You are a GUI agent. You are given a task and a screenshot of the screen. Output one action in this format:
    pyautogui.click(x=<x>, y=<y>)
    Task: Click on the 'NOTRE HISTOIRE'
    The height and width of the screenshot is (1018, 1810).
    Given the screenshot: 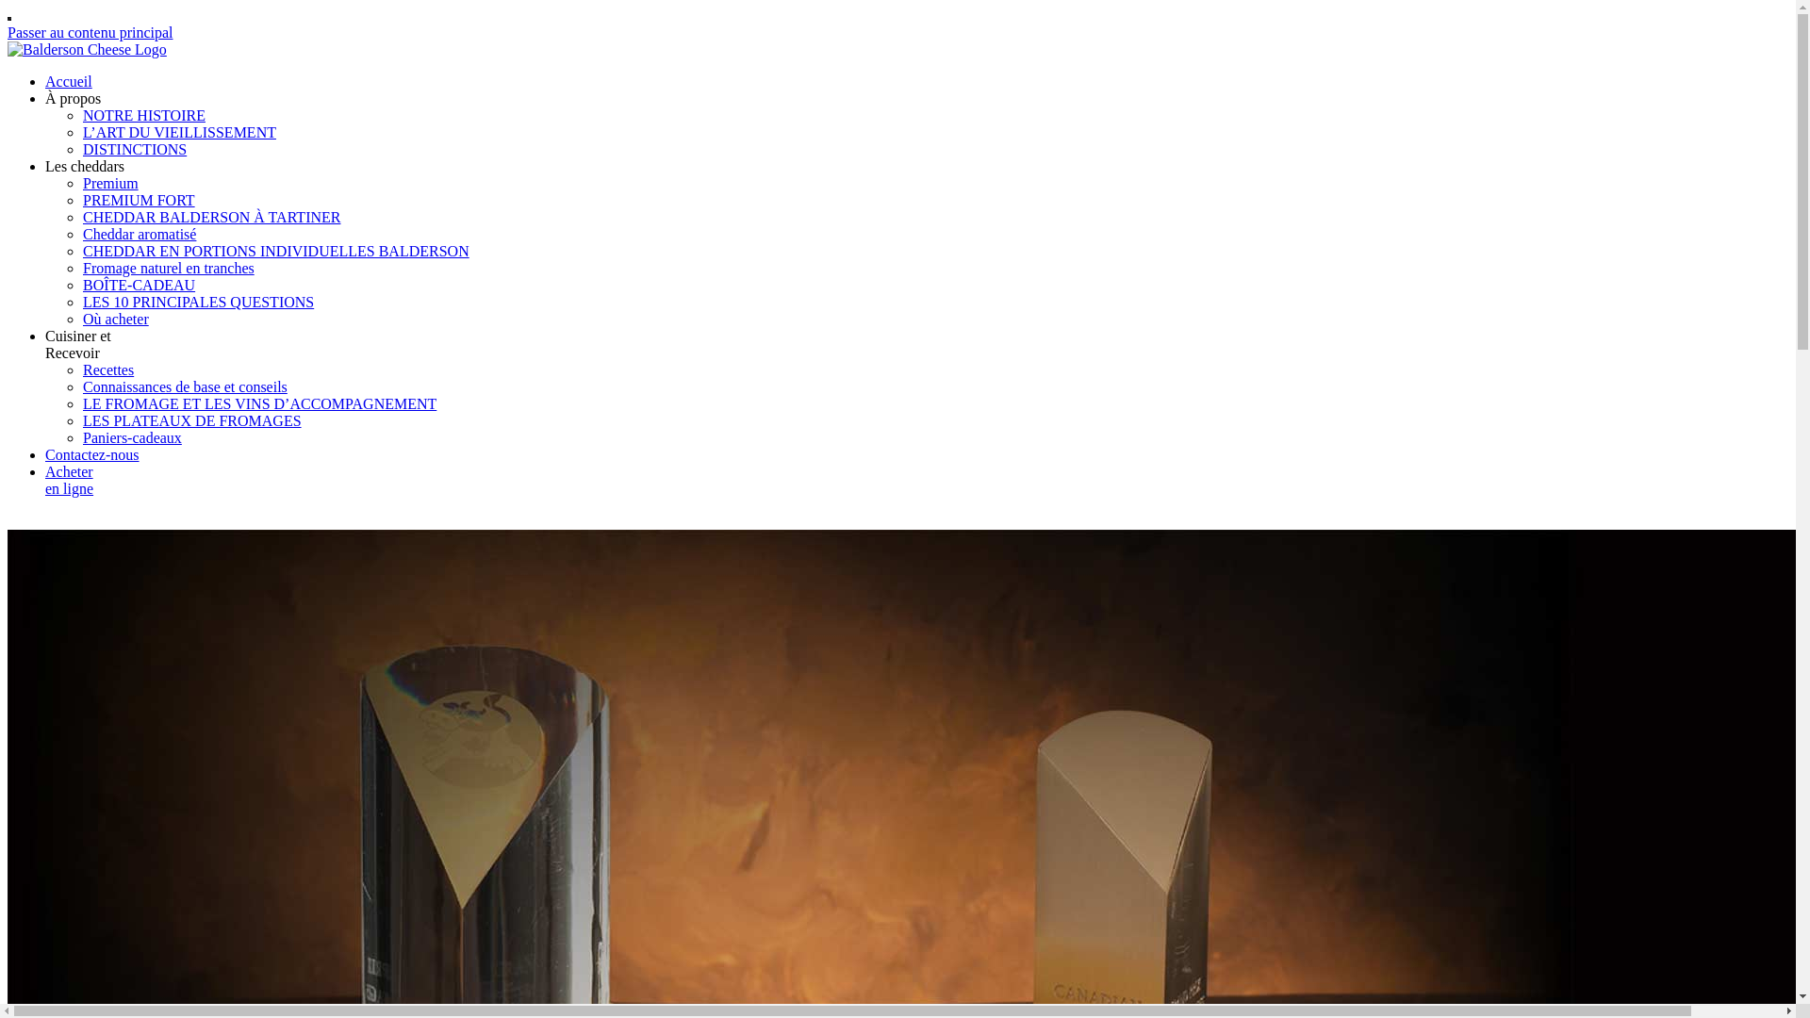 What is the action you would take?
    pyautogui.click(x=143, y=115)
    